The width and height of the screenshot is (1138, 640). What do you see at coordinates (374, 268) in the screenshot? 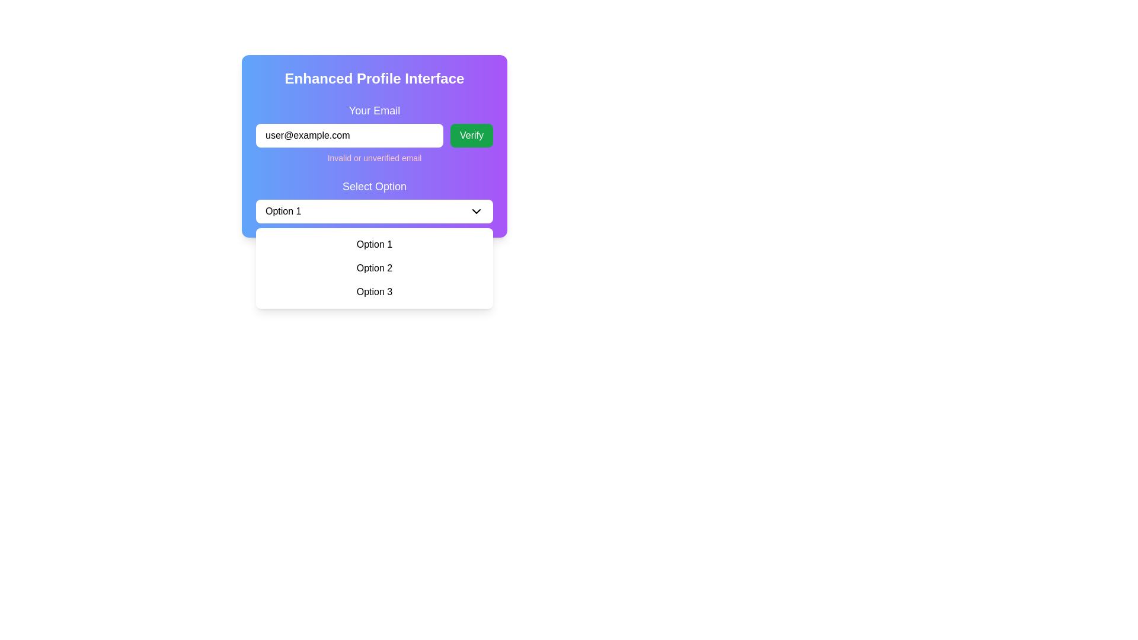
I see `the dropdown menu located under the 'Select Option' label, which presents options 'Option 1', 'Option 2', or 'Option 3'` at bounding box center [374, 268].